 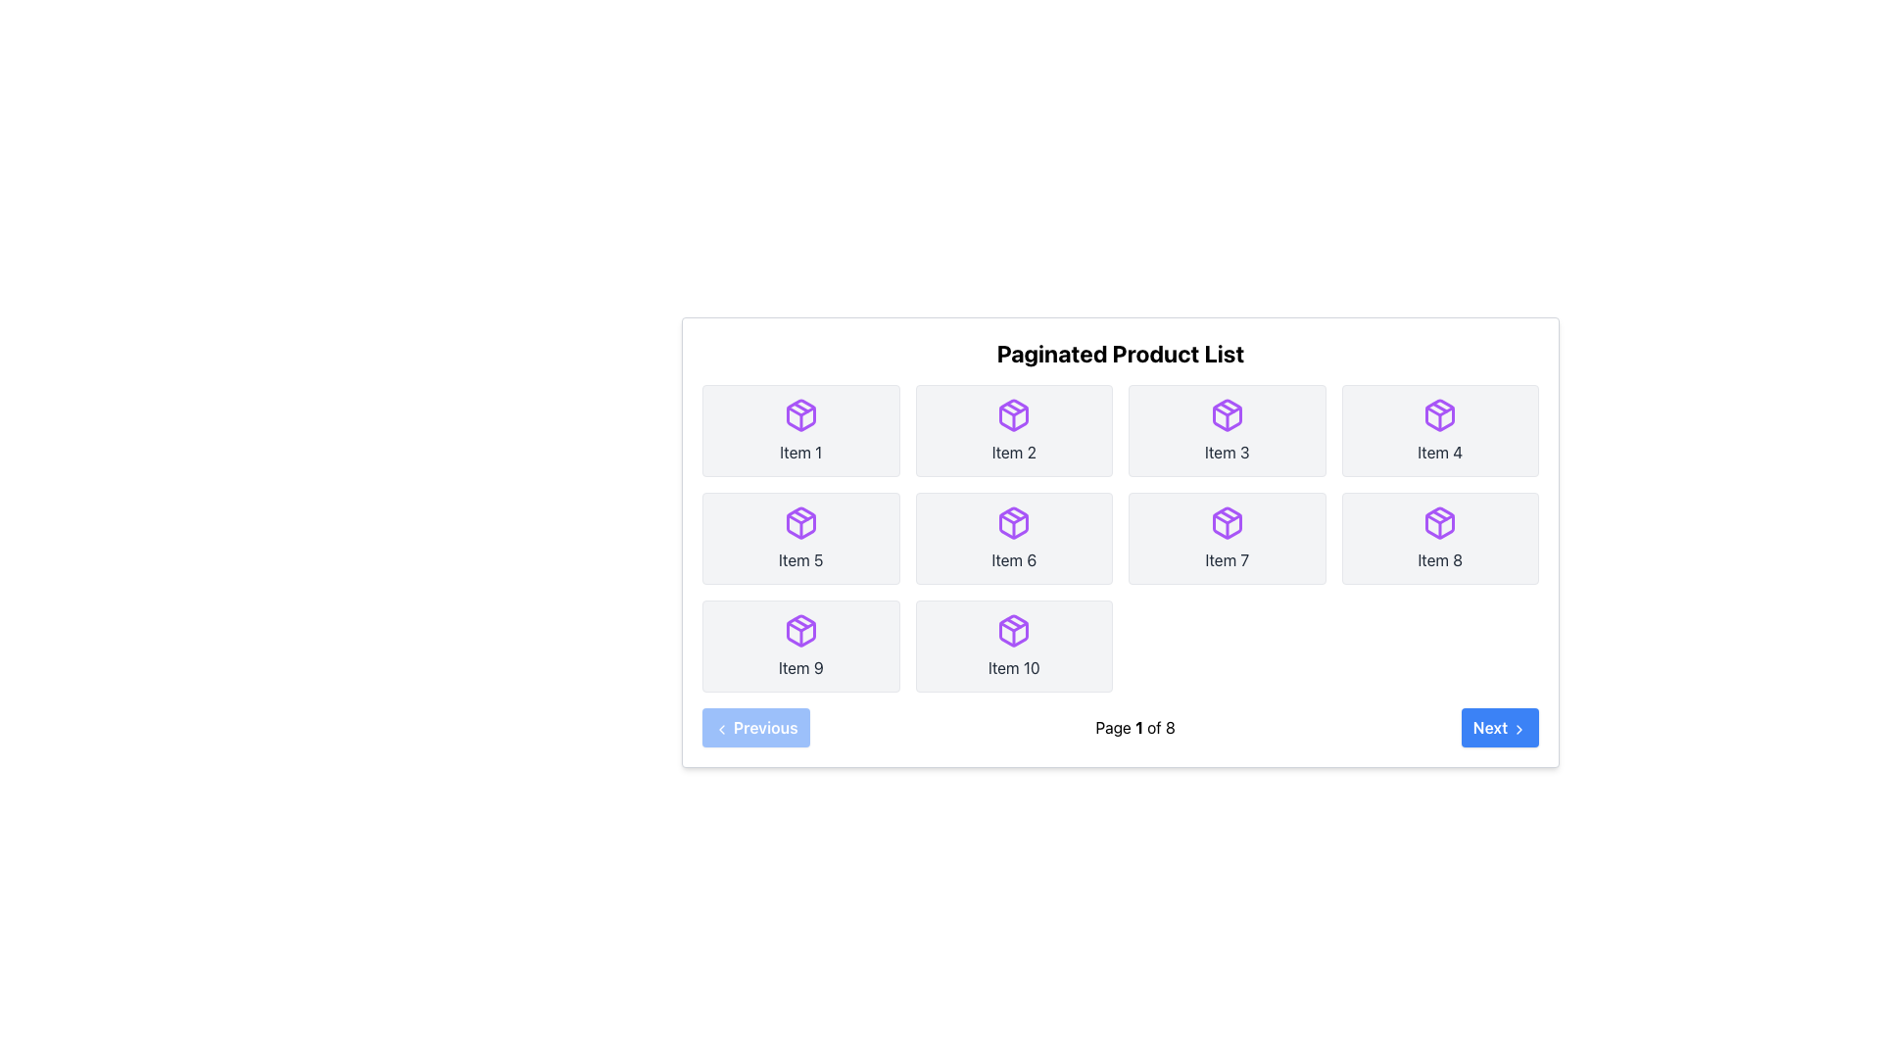 What do you see at coordinates (1440, 521) in the screenshot?
I see `the SVG graphic icon representing a product item, which is the eighth item in a grid layout located in the bottom-right corner of the display` at bounding box center [1440, 521].